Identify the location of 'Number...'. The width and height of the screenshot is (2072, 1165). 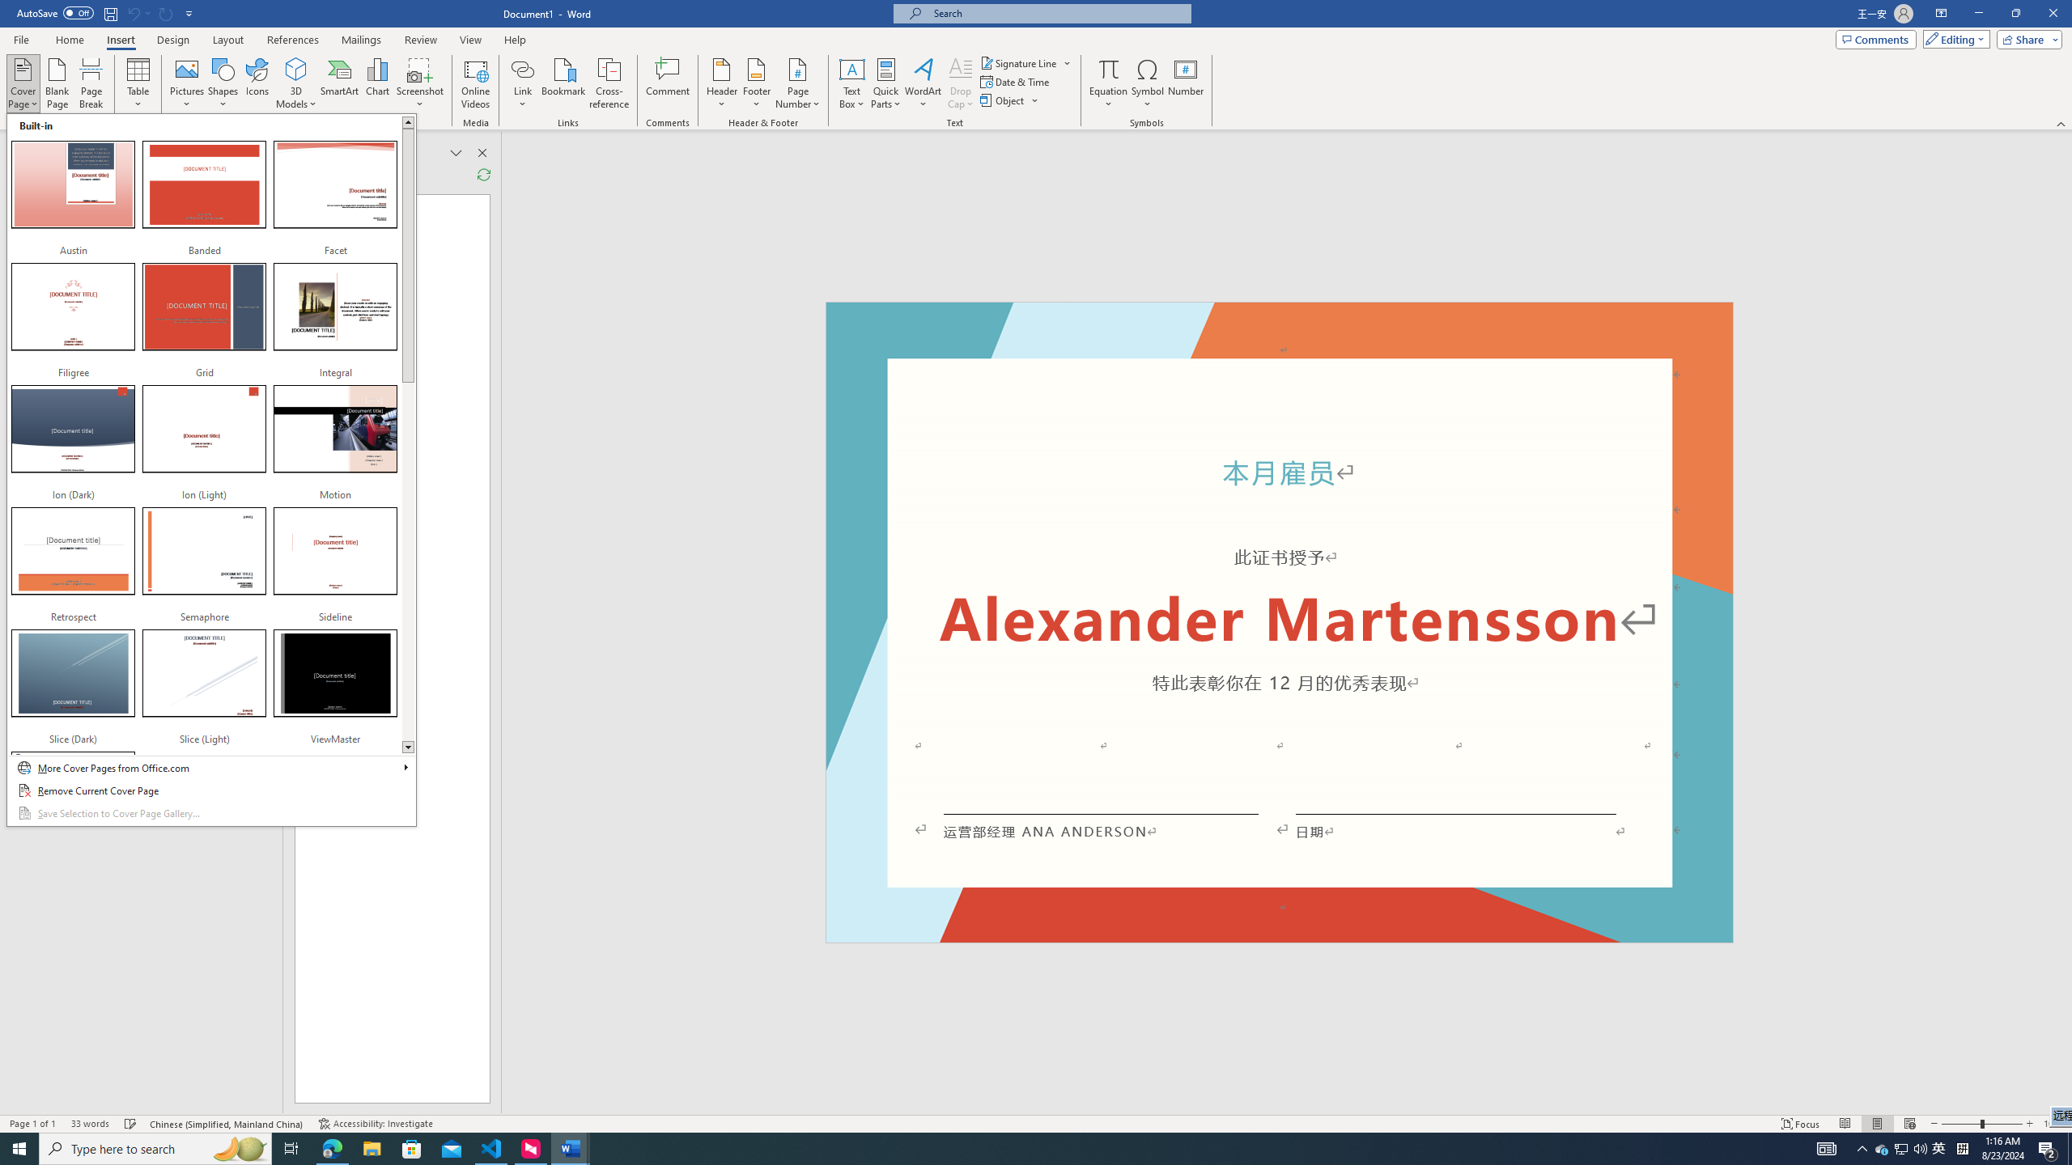
(1185, 83).